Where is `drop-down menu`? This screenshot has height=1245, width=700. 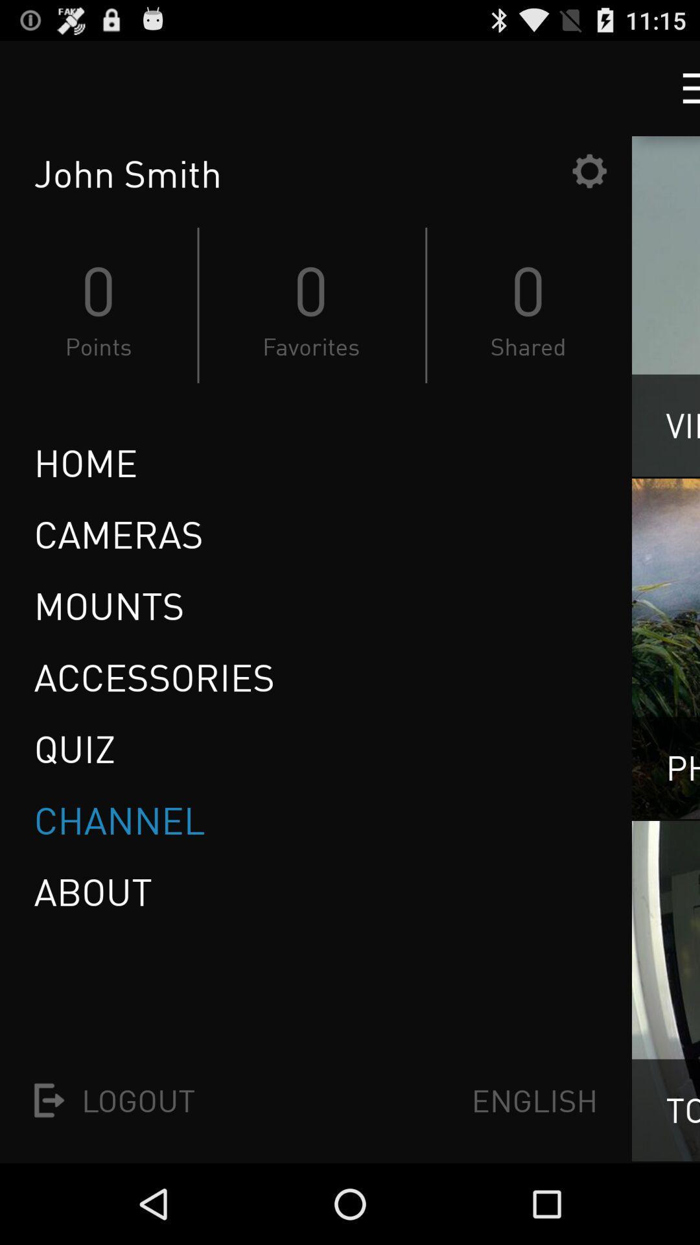 drop-down menu is located at coordinates (679, 88).